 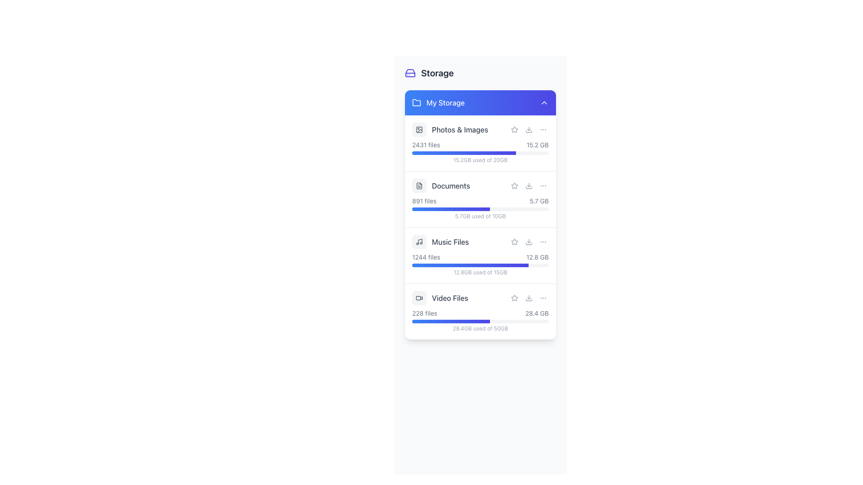 I want to click on the label displaying 'Video Files' with a video icon, which is located under 'My Storage' section, between 'Music Files' and a storage progress bar, so click(x=440, y=298).